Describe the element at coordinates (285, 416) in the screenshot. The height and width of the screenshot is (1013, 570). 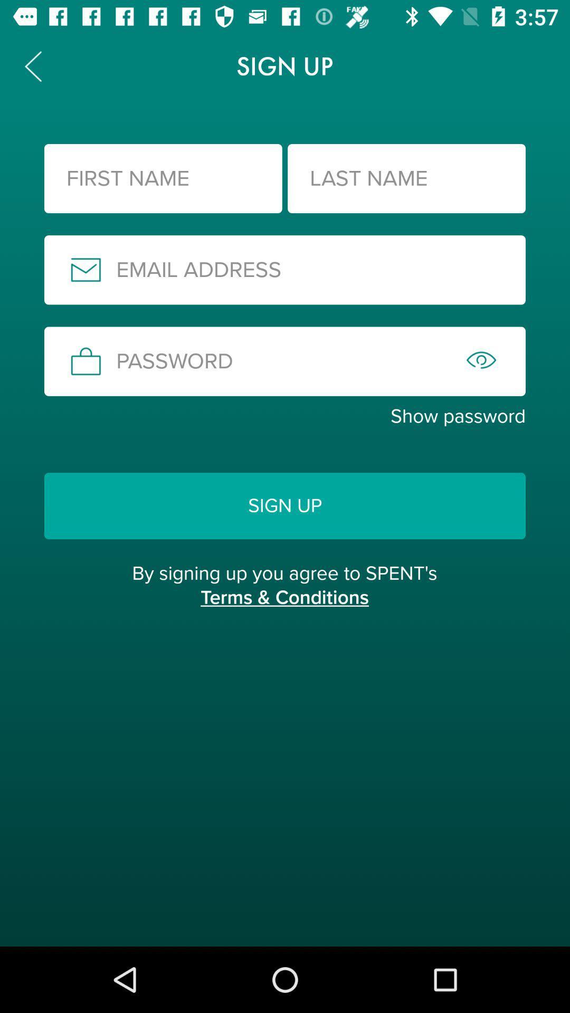
I see `the item above sign up icon` at that location.